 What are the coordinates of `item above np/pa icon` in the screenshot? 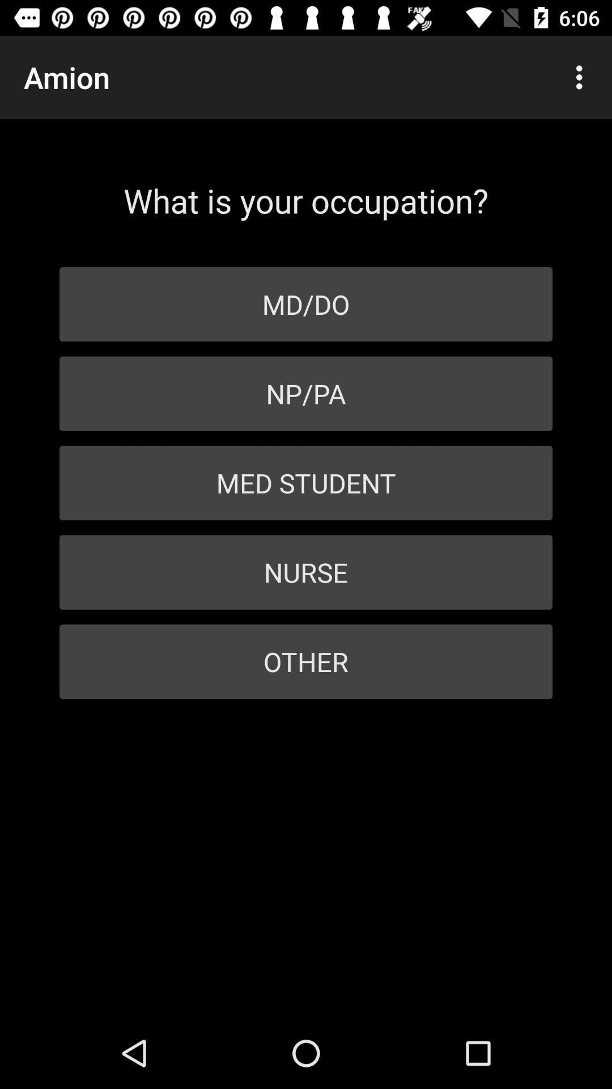 It's located at (306, 304).